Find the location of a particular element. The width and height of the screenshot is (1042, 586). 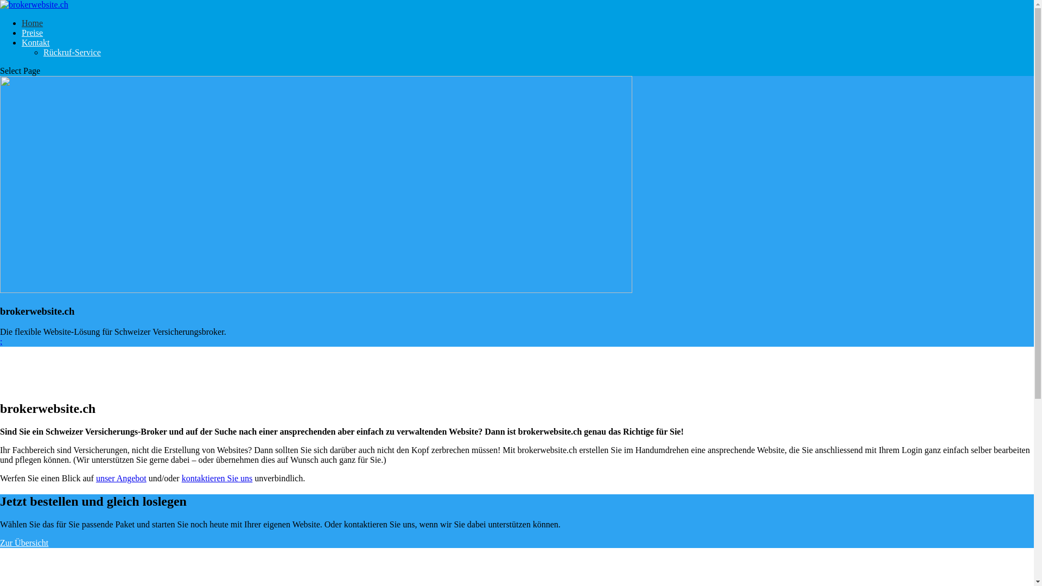

';' is located at coordinates (0, 341).